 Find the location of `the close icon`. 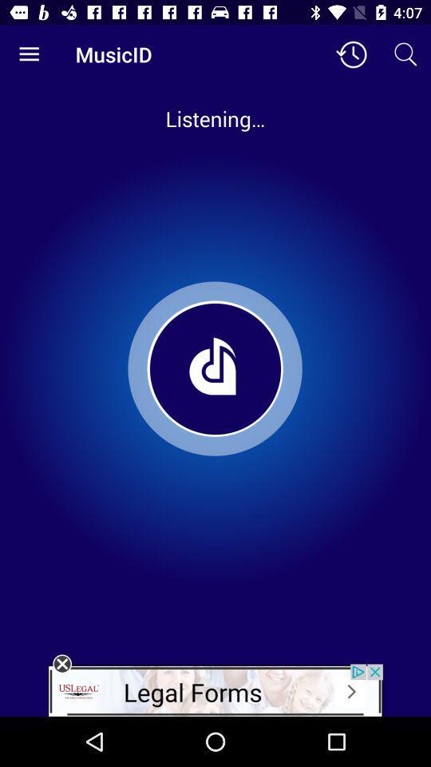

the close icon is located at coordinates (61, 664).